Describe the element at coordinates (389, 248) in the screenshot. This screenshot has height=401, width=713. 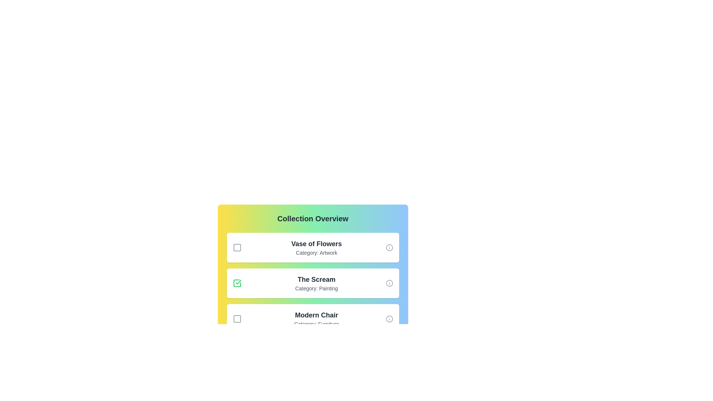
I see `the info icon next to the item 'Vase of Flowers' to view its details` at that location.